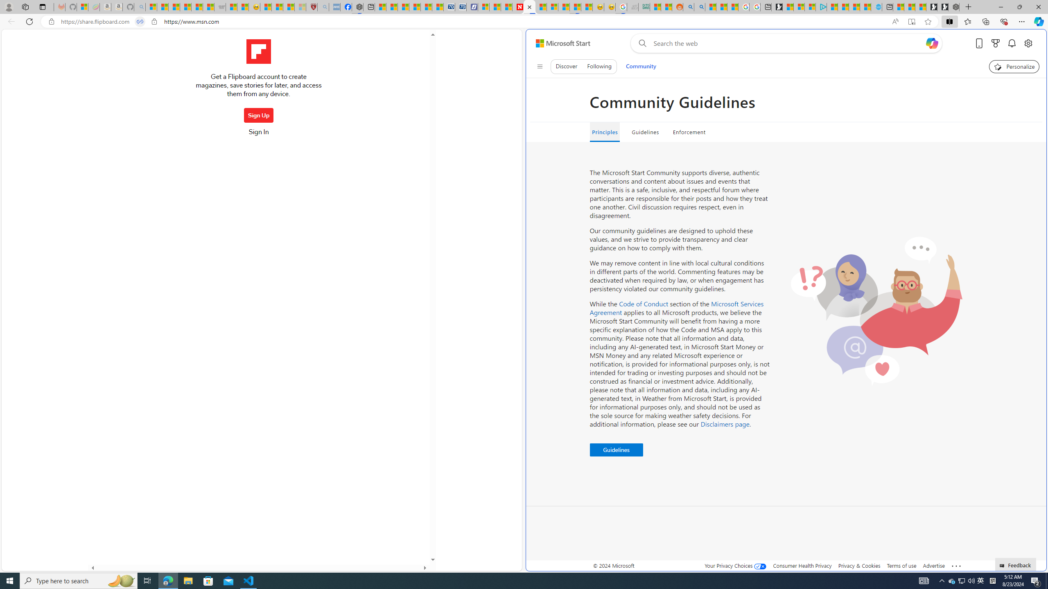 The width and height of the screenshot is (1048, 589). Describe the element at coordinates (1028, 43) in the screenshot. I see `'Open settings'` at that location.